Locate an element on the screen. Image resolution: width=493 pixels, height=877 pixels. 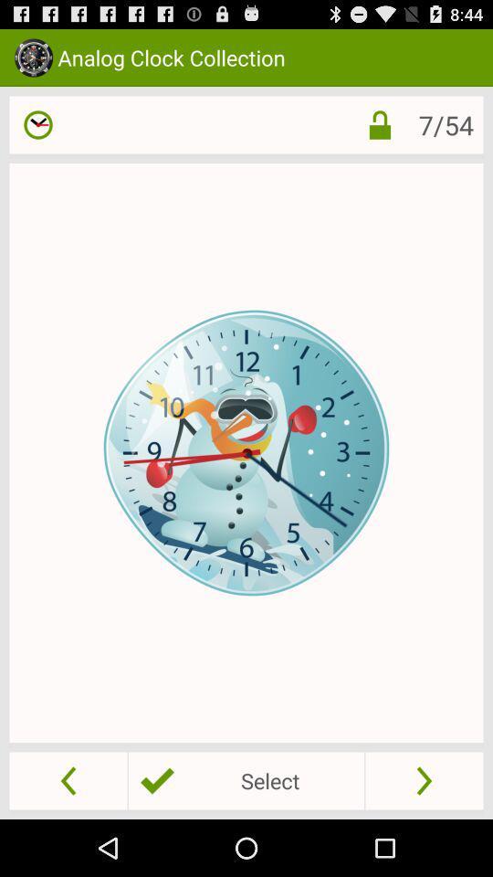
the arrow_backward icon is located at coordinates (68, 836).